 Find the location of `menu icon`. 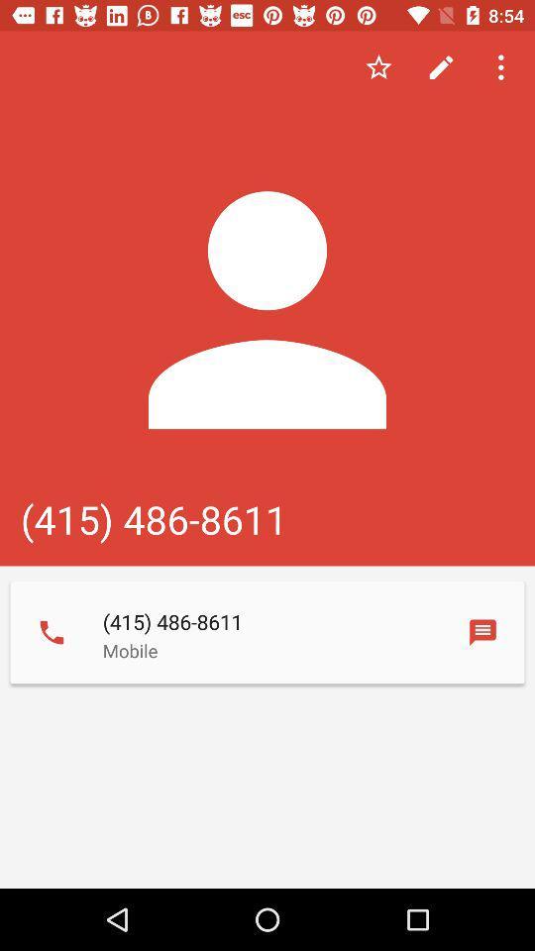

menu icon is located at coordinates (503, 67).